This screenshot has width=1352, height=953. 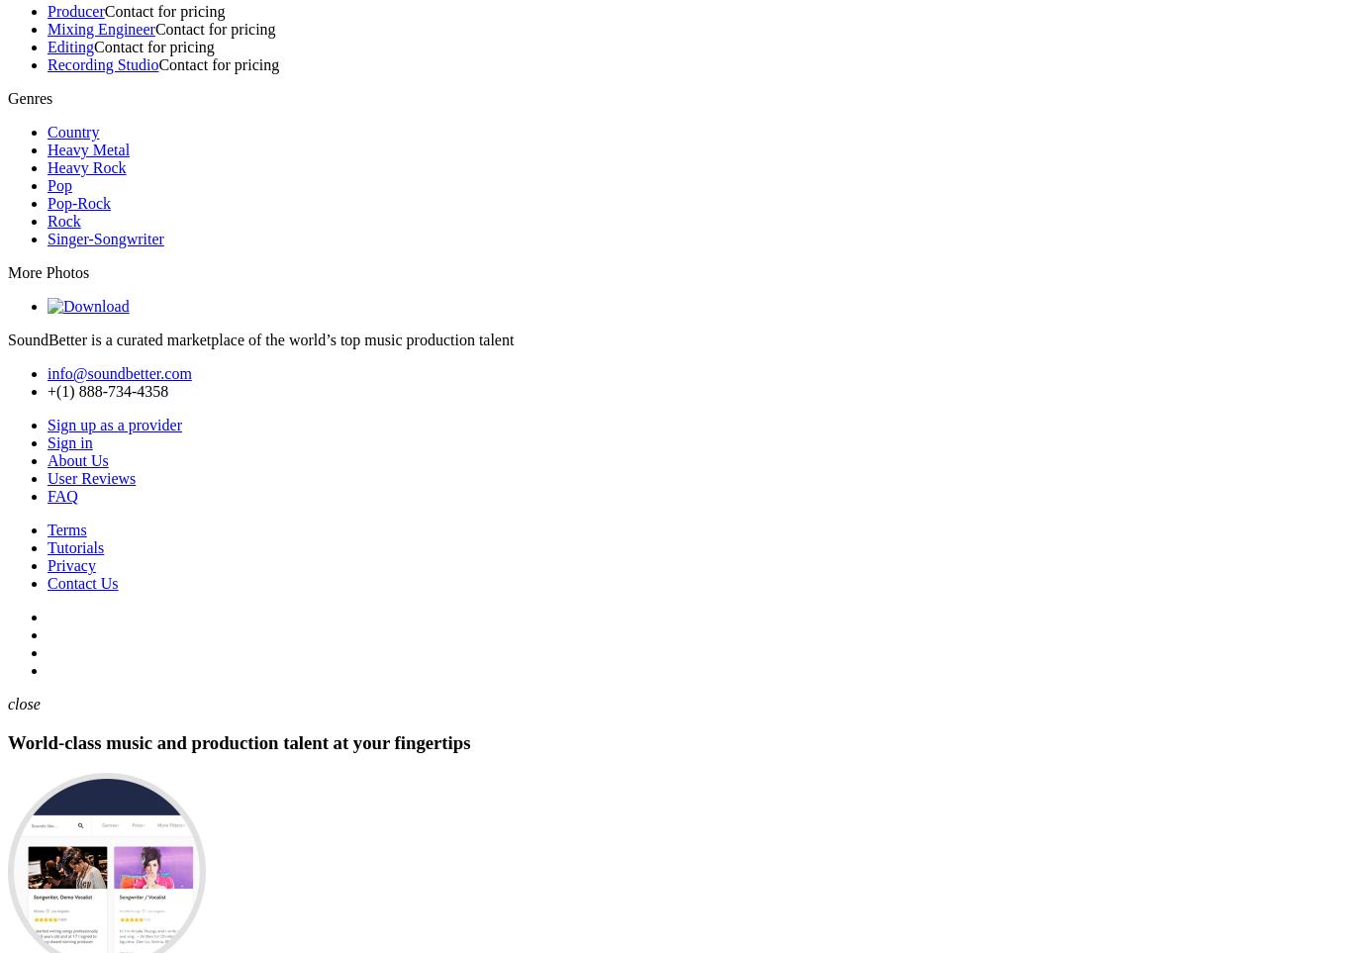 I want to click on 'Sign up as a provider', so click(x=47, y=425).